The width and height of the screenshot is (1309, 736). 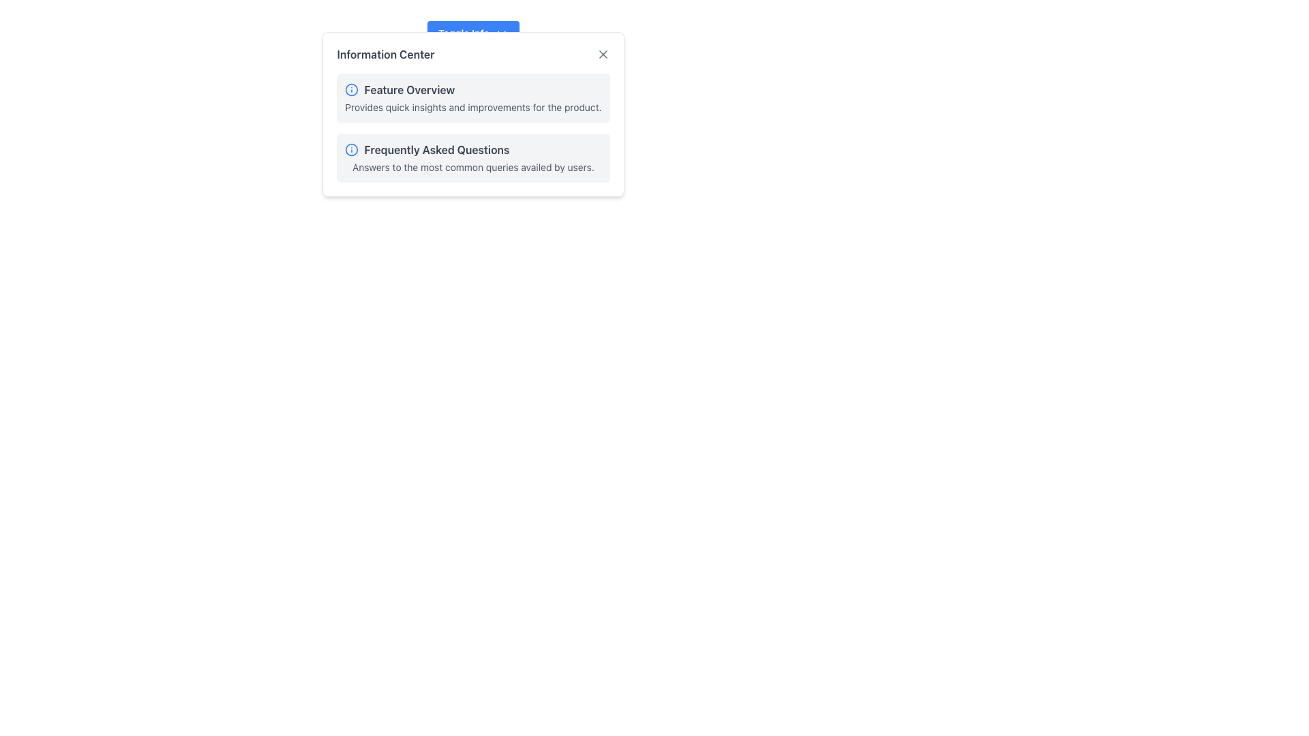 What do you see at coordinates (473, 33) in the screenshot?
I see `the 'Toggle Info' dropdown button, which is a blue rectangular button with white text and a chevron icon` at bounding box center [473, 33].